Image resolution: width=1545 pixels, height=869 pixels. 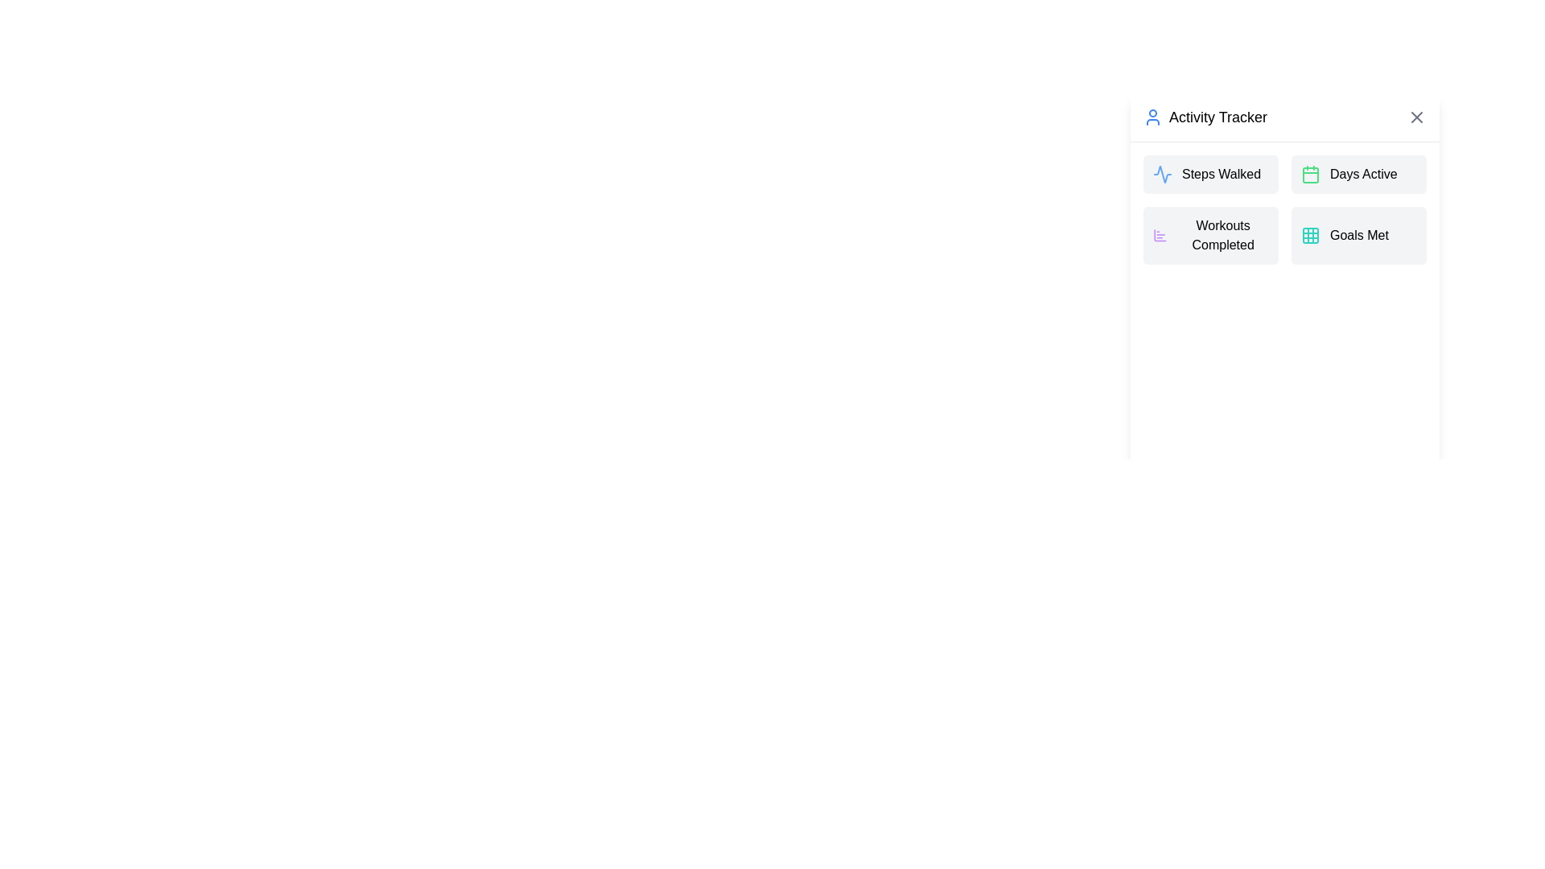 What do you see at coordinates (1417, 117) in the screenshot?
I see `the 'X' button in the top-right corner of the Activity Tracker panel header` at bounding box center [1417, 117].